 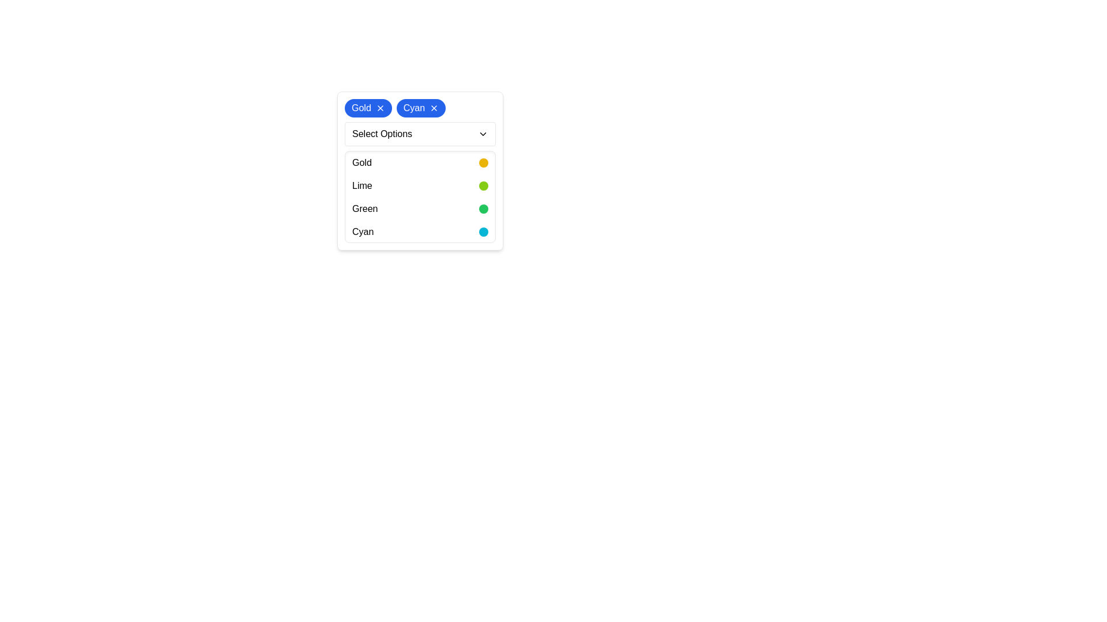 What do you see at coordinates (484, 208) in the screenshot?
I see `the color indicator representing the 'Green' item in the dropdown interface, located to the right of the text 'Green'` at bounding box center [484, 208].